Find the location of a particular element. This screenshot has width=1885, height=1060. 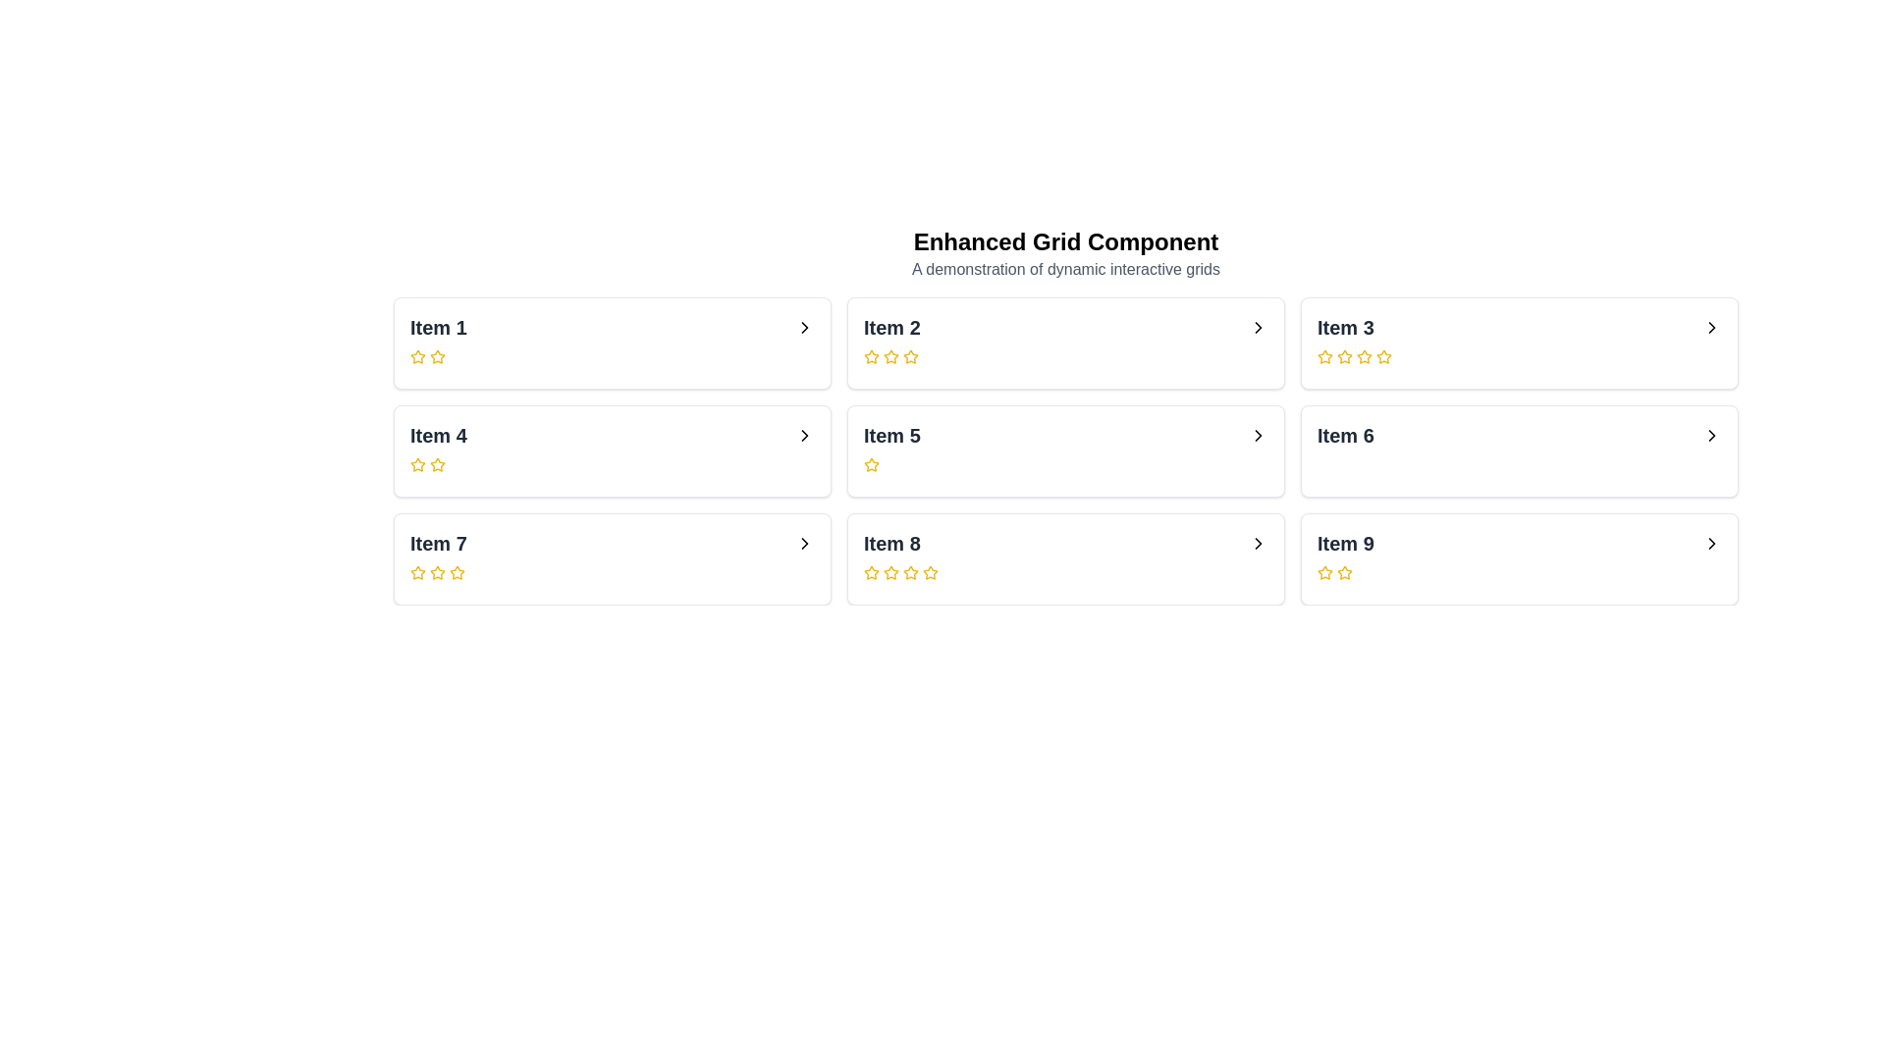

the third star icon used for ratings, which has a yellow outline and is located beneath the text 'Item 2' in a grid layout, to interact with it is located at coordinates (889, 356).